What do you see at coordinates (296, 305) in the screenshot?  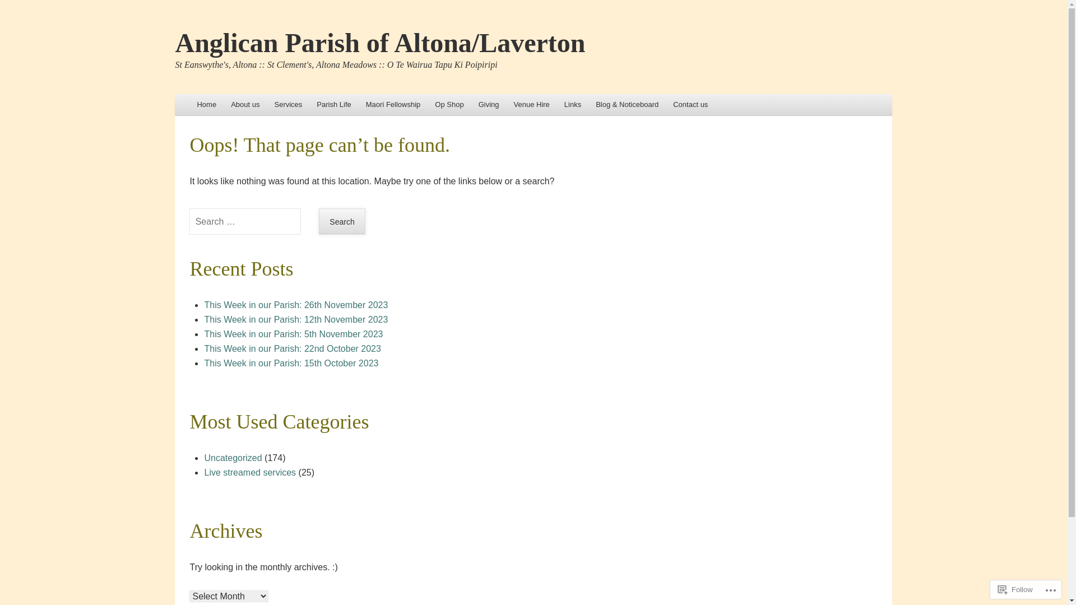 I see `'This Week in our Parish: 26th November 2023'` at bounding box center [296, 305].